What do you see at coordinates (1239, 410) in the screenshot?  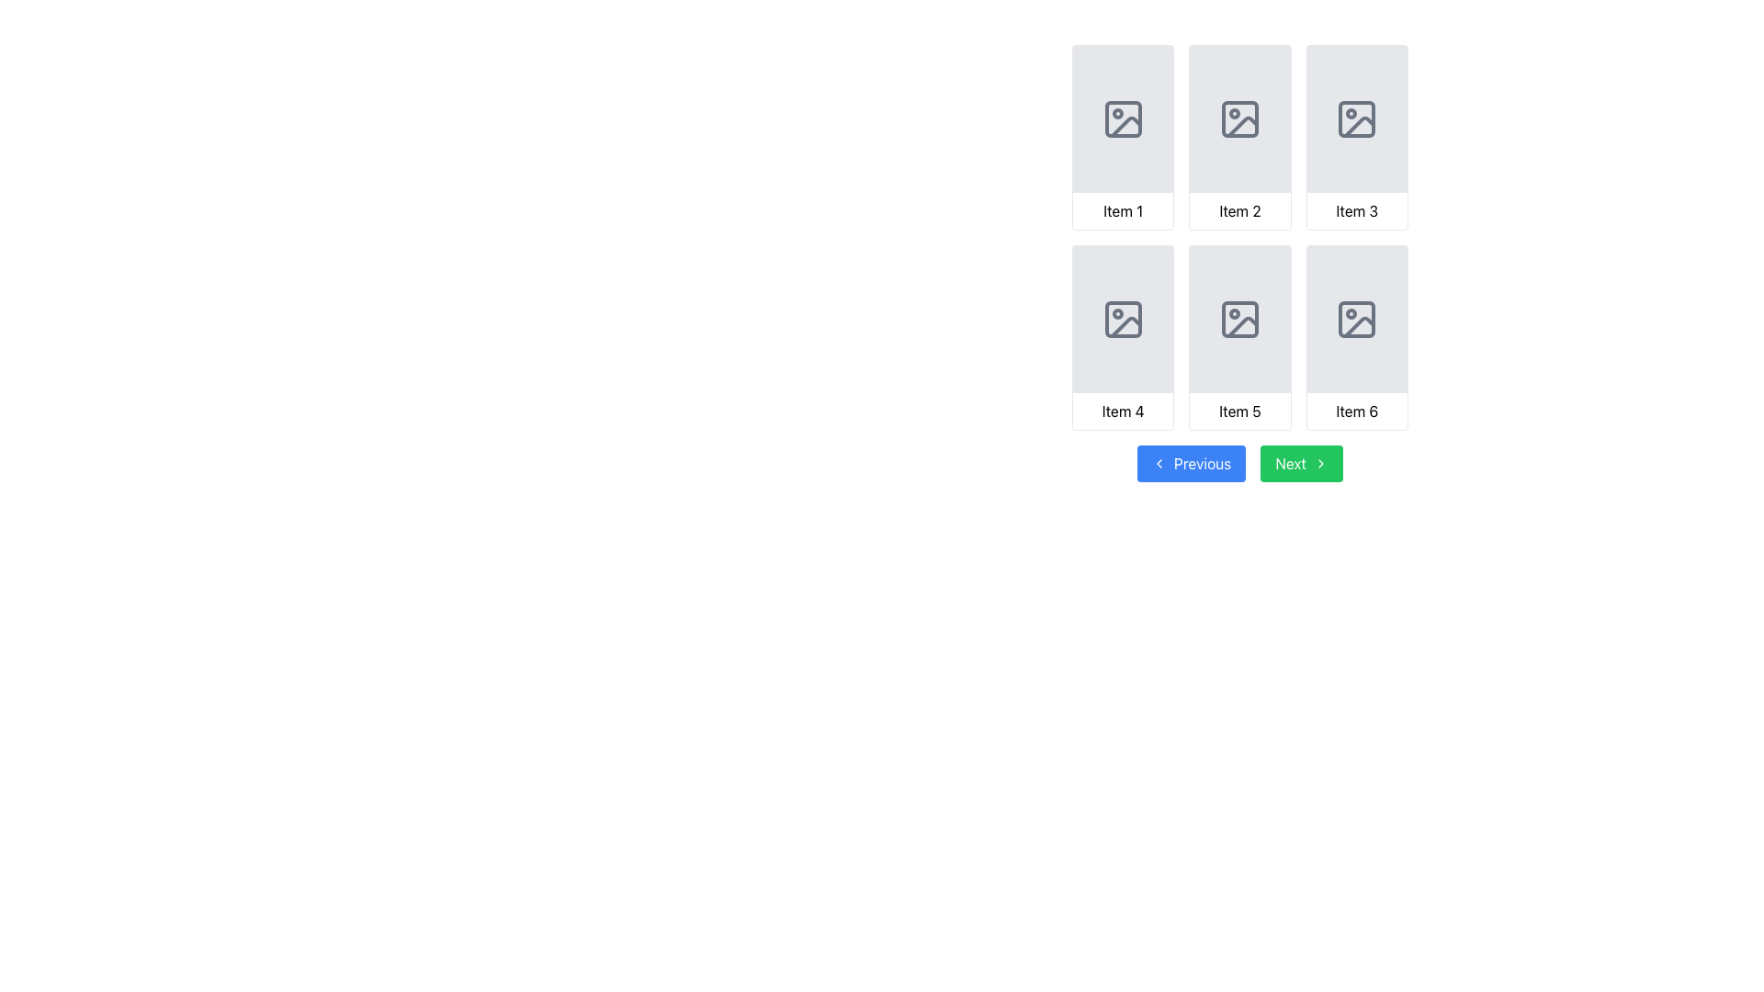 I see `static text display element serving as the label for 'Item 5', located at the center of the fifth card in the grid layout` at bounding box center [1239, 410].